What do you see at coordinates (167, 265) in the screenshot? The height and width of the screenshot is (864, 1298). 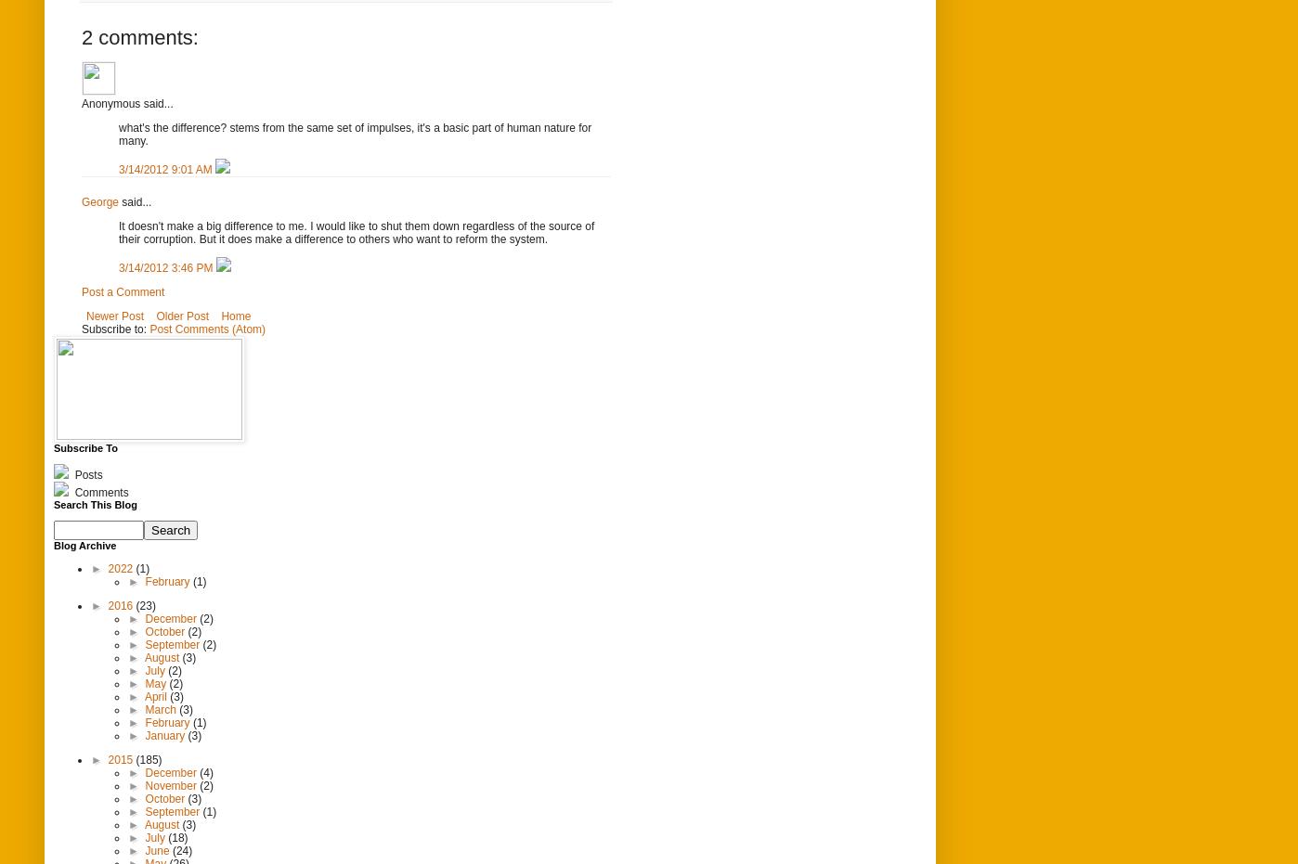 I see `'3/14/2012 3:46 PM'` at bounding box center [167, 265].